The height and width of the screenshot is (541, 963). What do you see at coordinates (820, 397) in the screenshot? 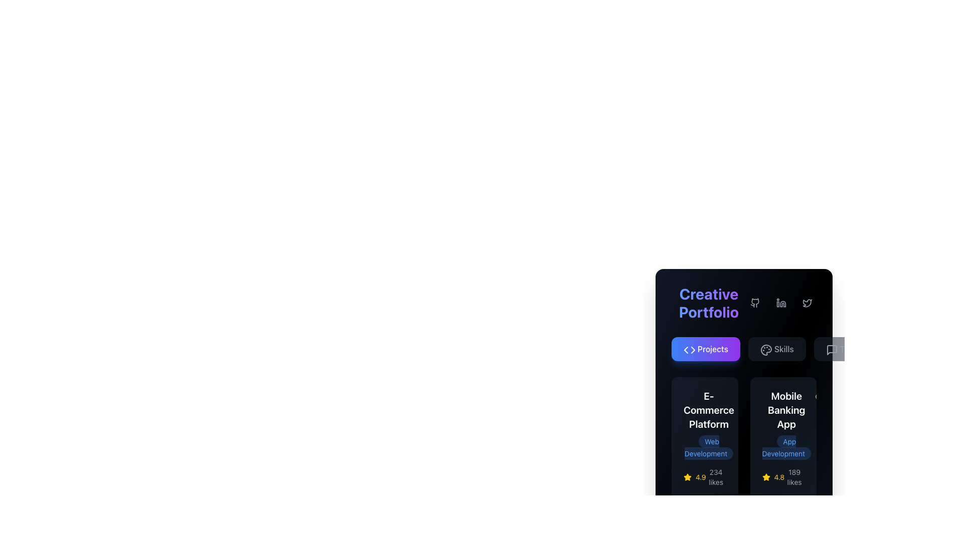
I see `the heart-shaped button located in the top-right corner of the 'Mobile Banking App' card, which changes color to pink on hover` at bounding box center [820, 397].